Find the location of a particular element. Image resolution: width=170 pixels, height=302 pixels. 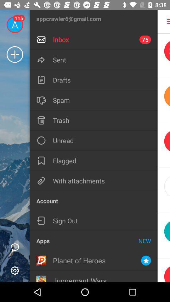

the arrow_backward icon is located at coordinates (164, 190).